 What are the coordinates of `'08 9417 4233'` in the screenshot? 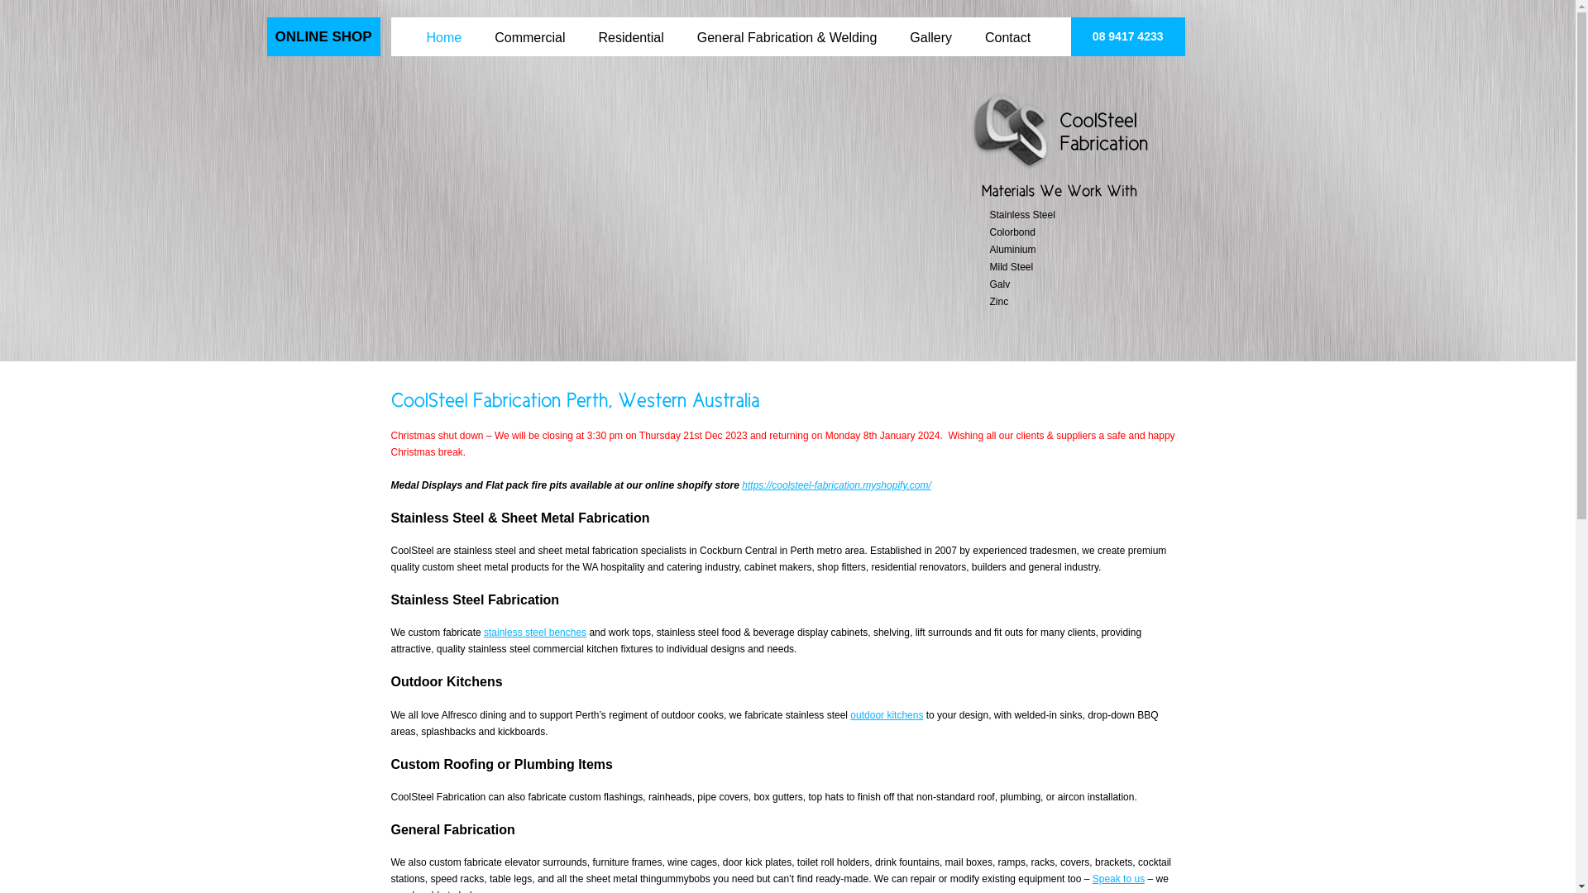 It's located at (1126, 36).